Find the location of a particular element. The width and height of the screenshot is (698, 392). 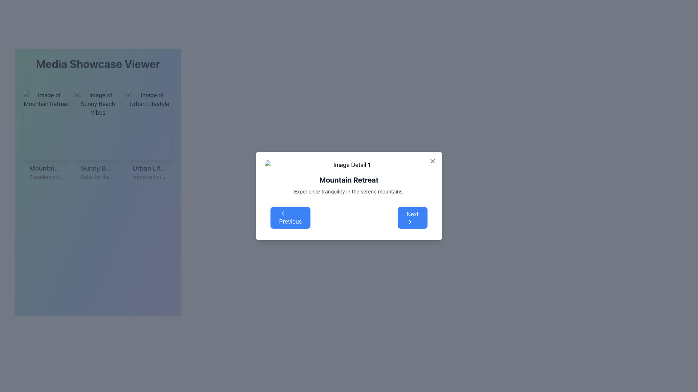

title 'Urban Lifestyle' and the description 'Immerse in the vibrant energy of the city.' from the textual content block at the bottom of the third card in the 'Media Showcase Viewer' section is located at coordinates (149, 172).